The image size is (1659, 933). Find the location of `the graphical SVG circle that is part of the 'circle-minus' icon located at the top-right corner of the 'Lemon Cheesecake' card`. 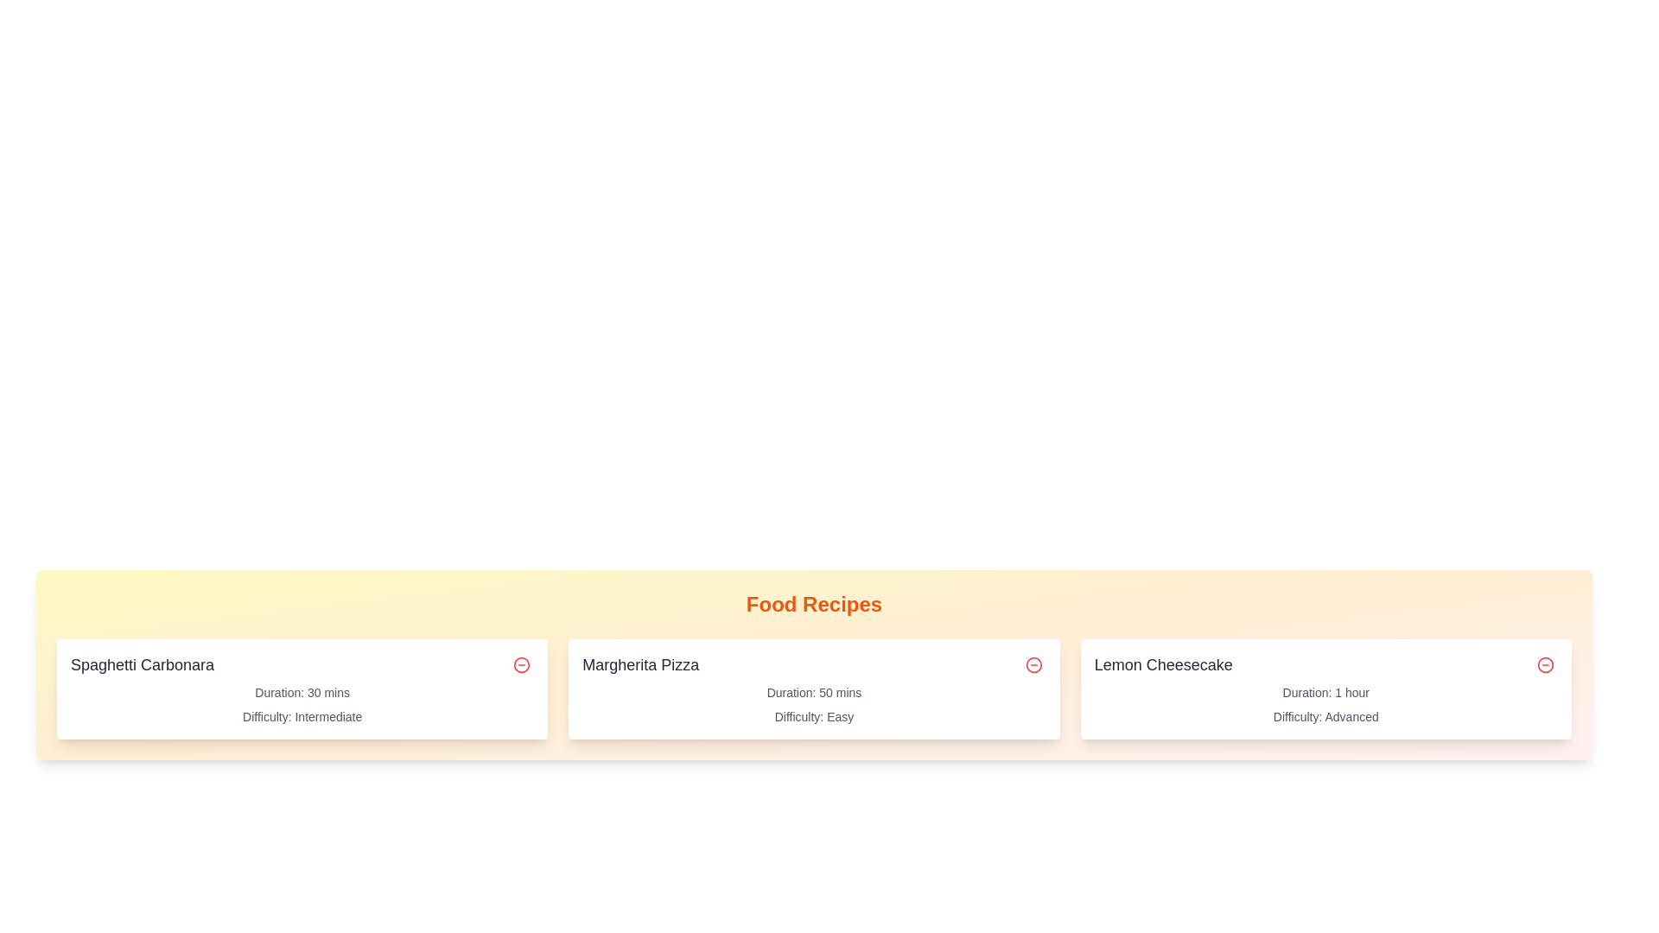

the graphical SVG circle that is part of the 'circle-minus' icon located at the top-right corner of the 'Lemon Cheesecake' card is located at coordinates (1546, 664).